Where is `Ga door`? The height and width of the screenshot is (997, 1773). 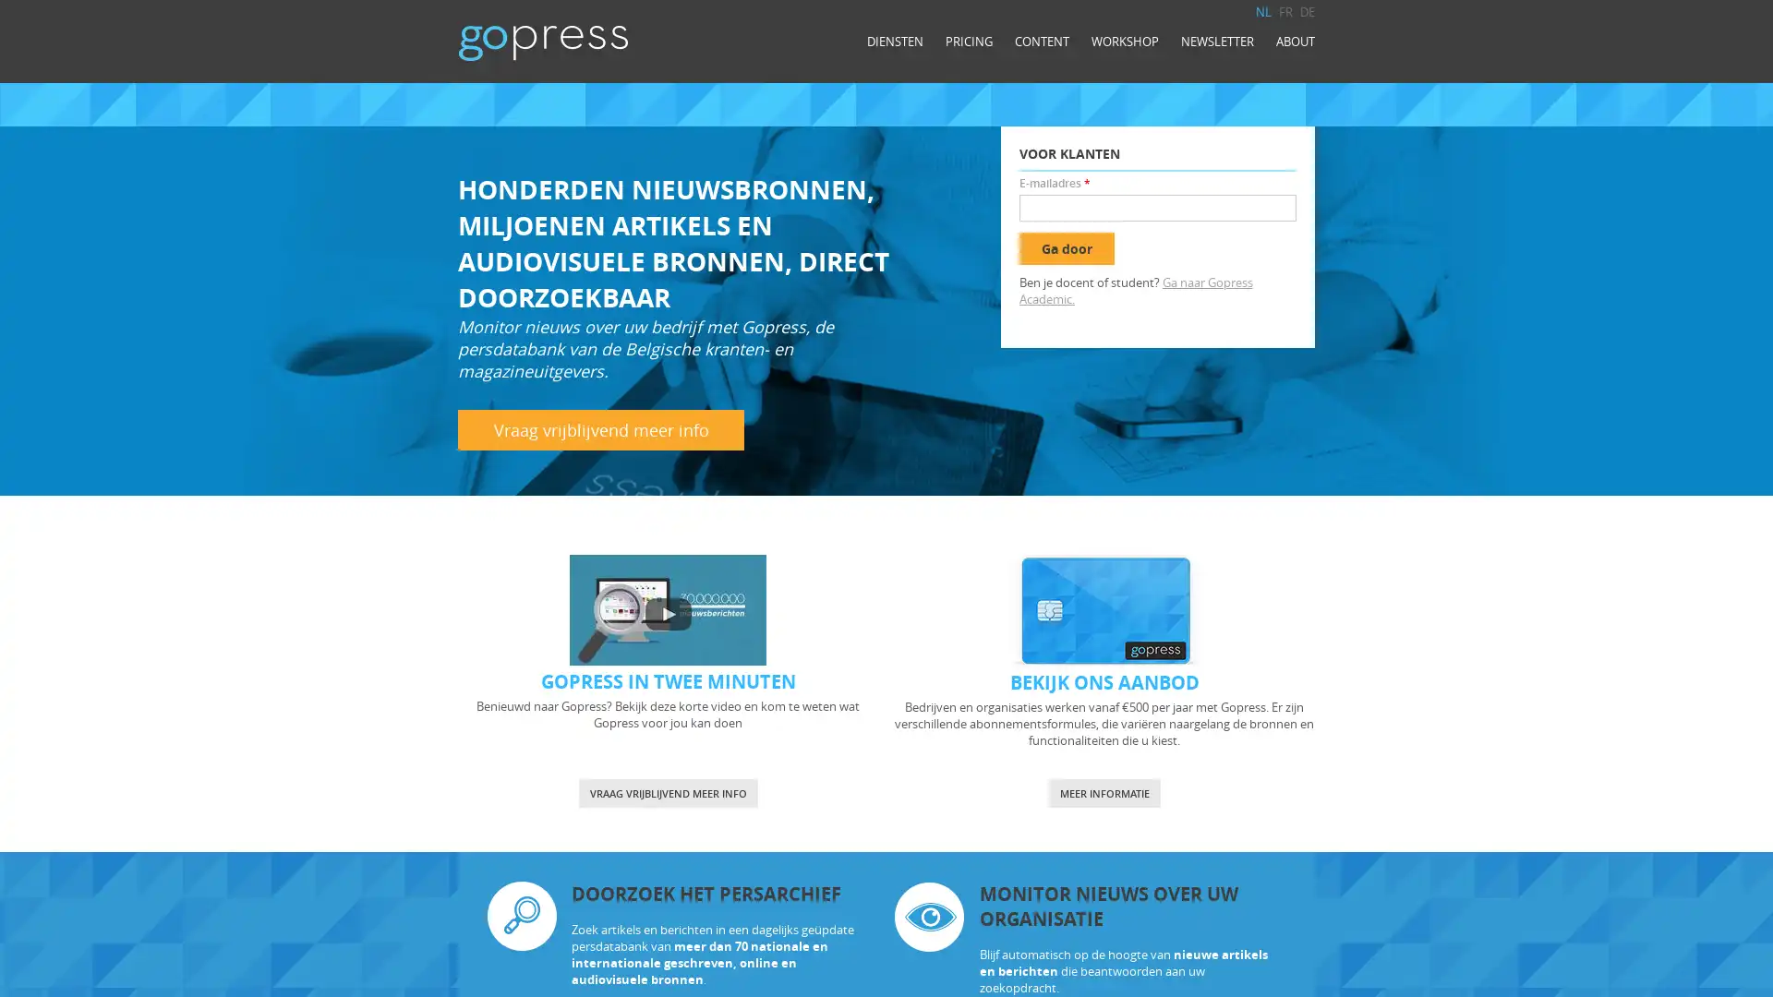
Ga door is located at coordinates (1066, 246).